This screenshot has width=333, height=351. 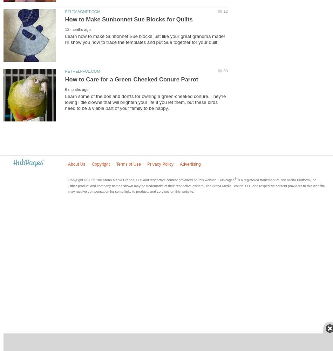 I want to click on 'Copyright', so click(x=91, y=164).